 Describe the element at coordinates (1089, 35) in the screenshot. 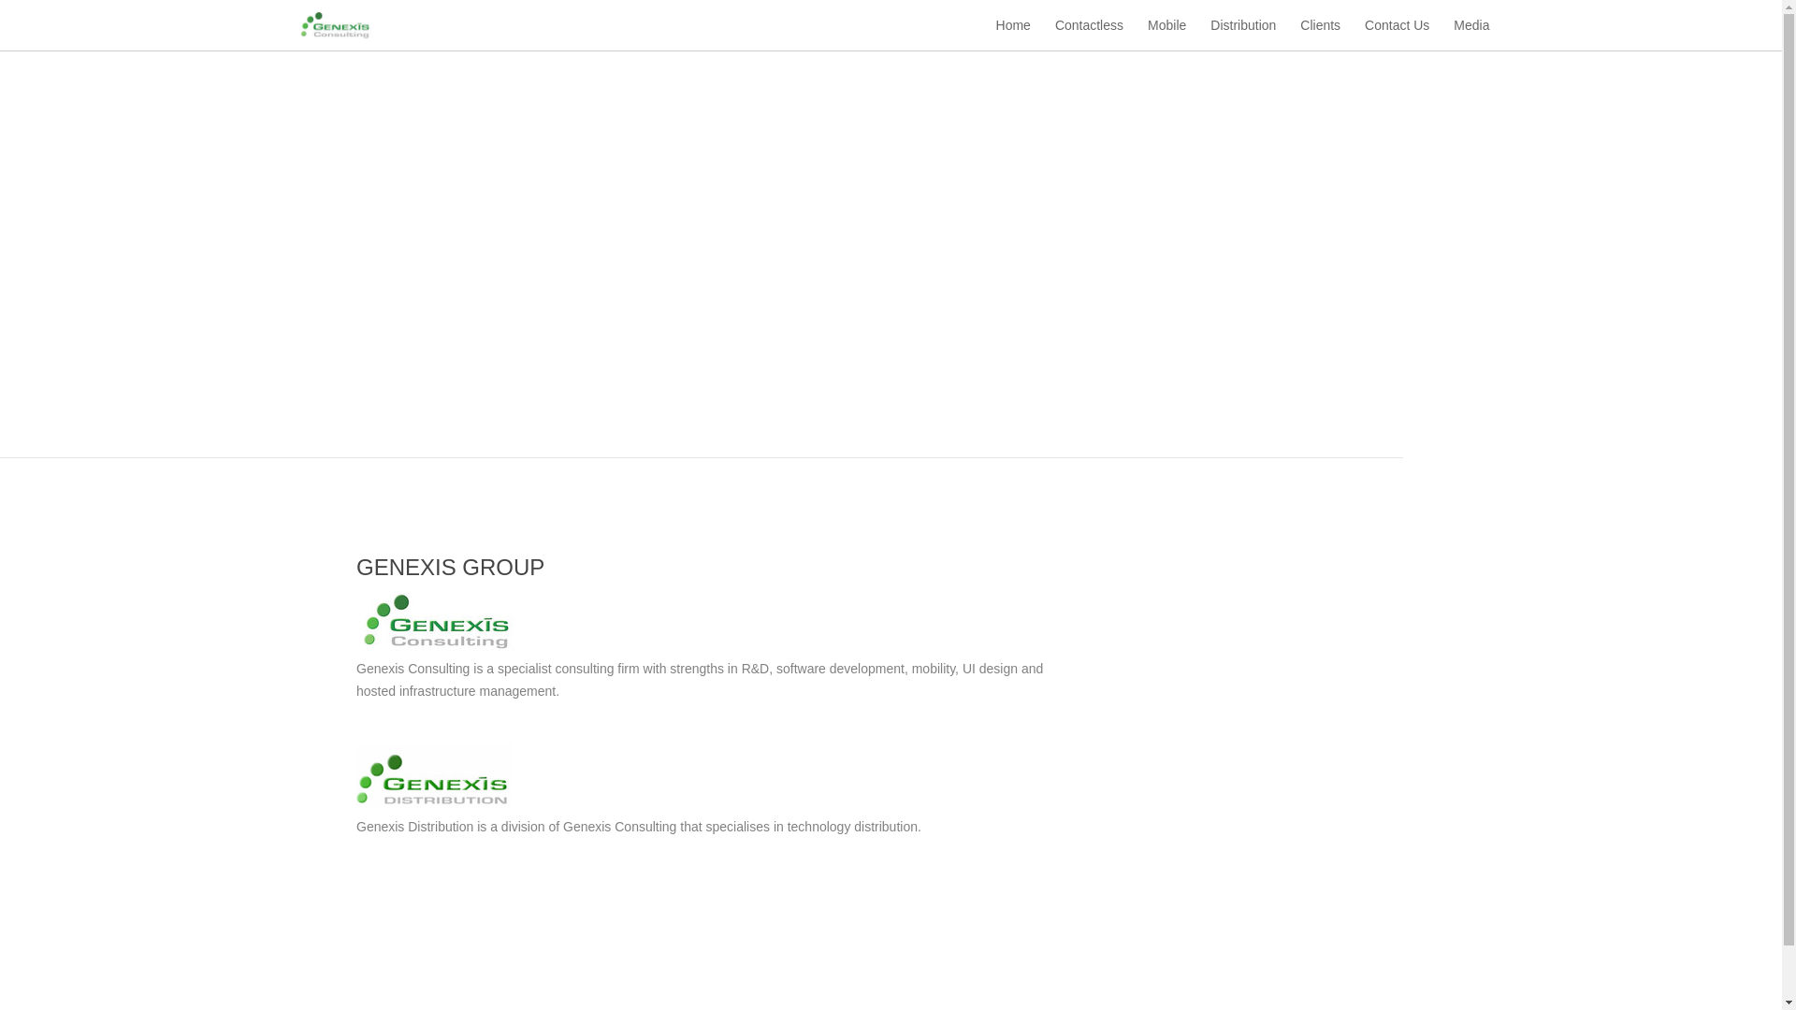

I see `'Contactless'` at that location.